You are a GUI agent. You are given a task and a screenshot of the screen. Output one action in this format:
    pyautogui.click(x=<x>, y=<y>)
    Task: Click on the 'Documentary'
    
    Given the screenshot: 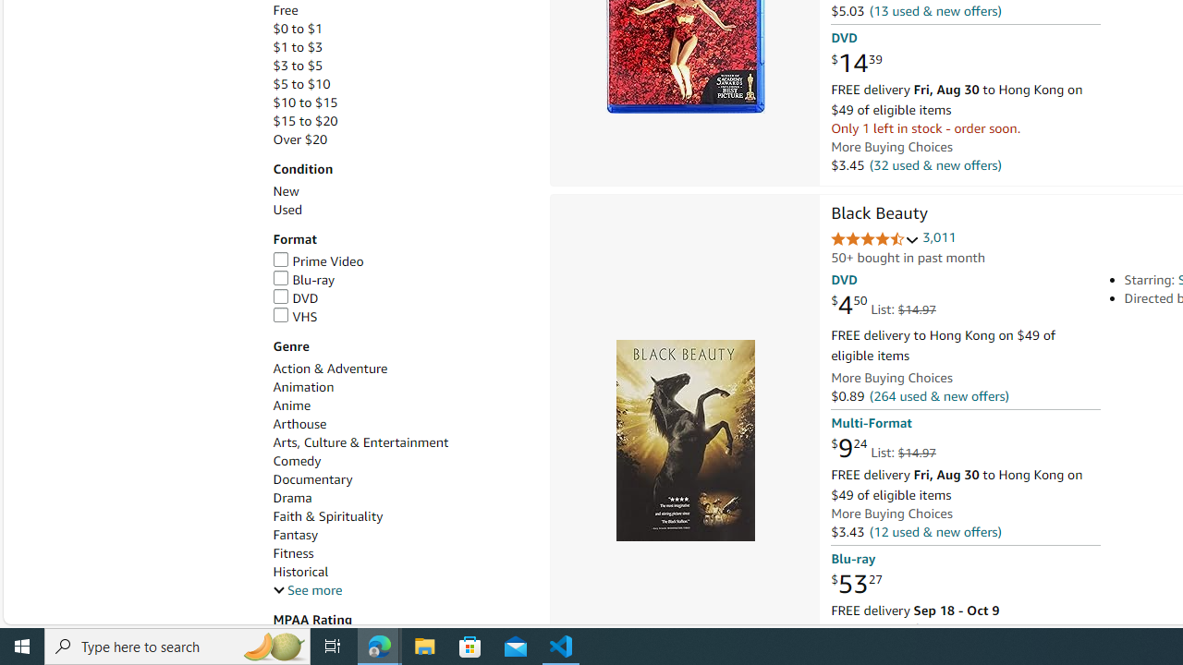 What is the action you would take?
    pyautogui.click(x=311, y=478)
    